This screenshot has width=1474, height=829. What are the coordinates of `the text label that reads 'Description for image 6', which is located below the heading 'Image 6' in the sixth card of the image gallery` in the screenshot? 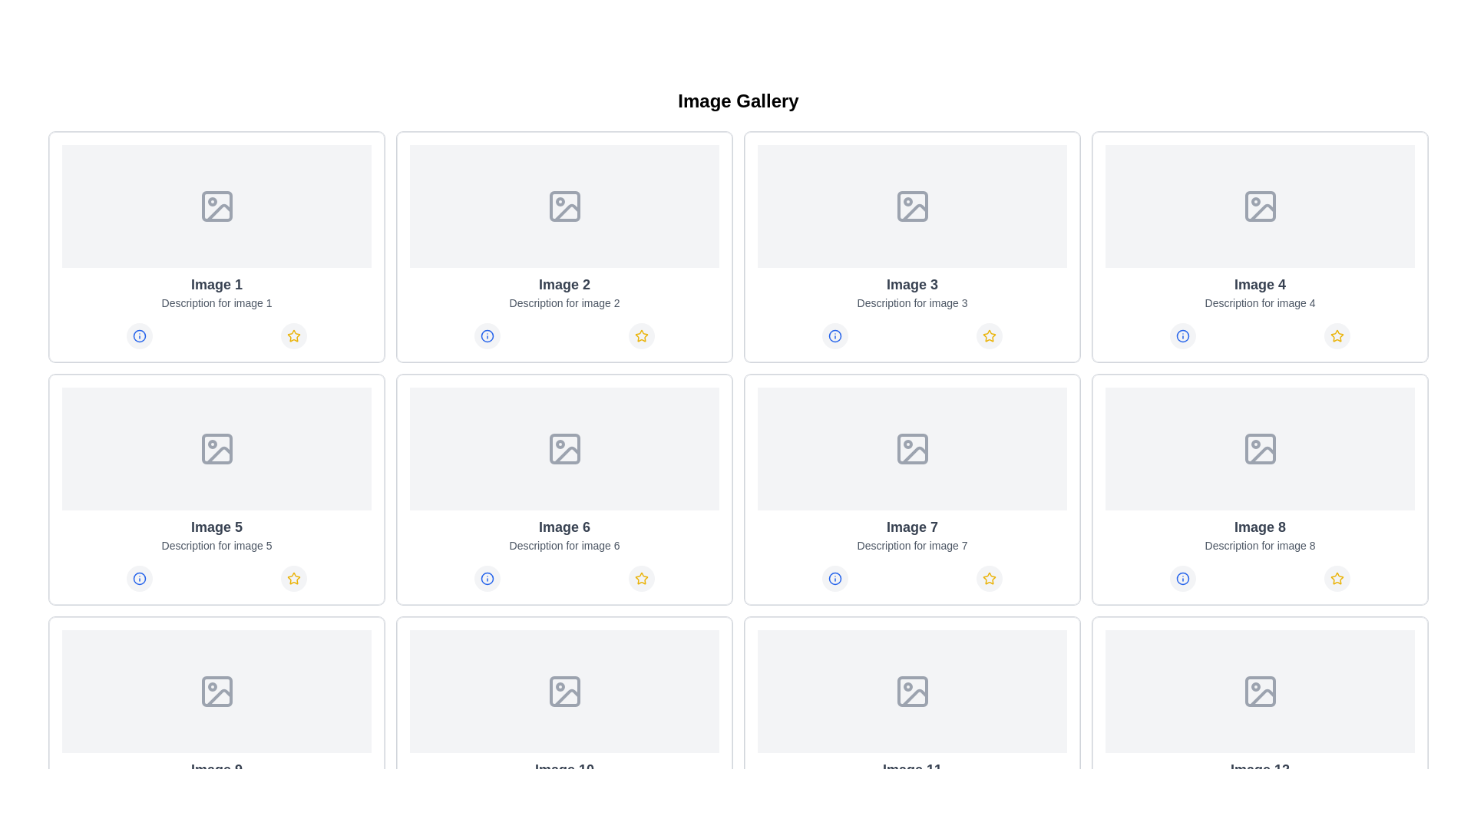 It's located at (563, 544).